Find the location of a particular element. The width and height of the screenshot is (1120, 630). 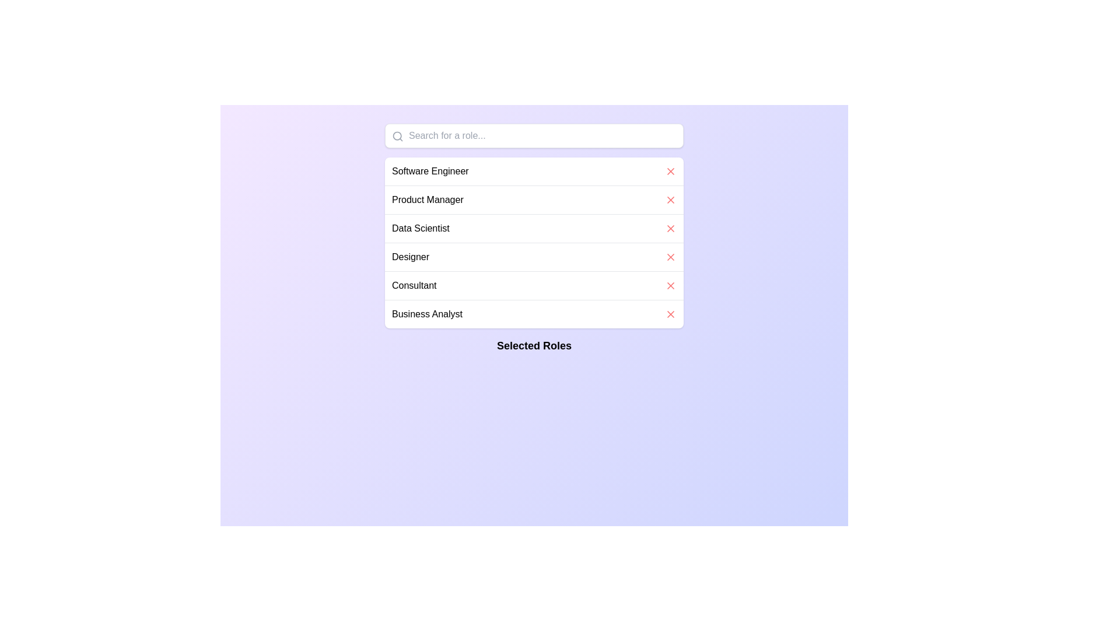

the Close or delete icon (the 'X' graphic) aligned to the right side of the 'Product Manager' list item is located at coordinates (671, 199).